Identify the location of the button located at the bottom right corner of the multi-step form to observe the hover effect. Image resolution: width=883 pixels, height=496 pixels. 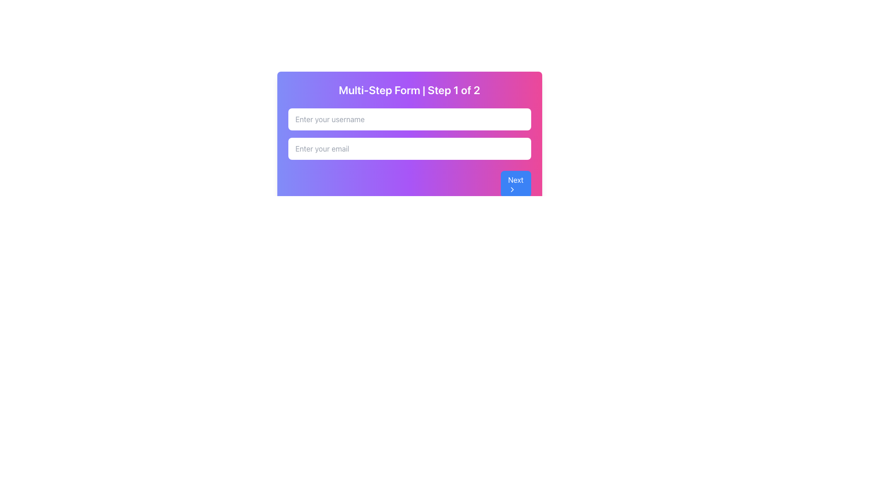
(516, 184).